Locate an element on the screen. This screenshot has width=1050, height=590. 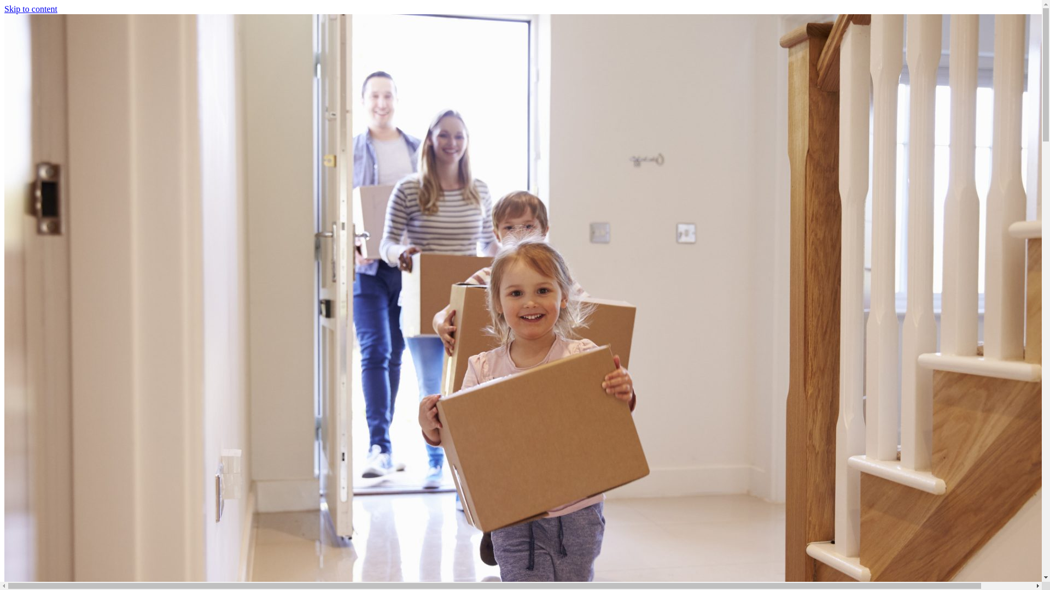
'Skip to content' is located at coordinates (31, 9).